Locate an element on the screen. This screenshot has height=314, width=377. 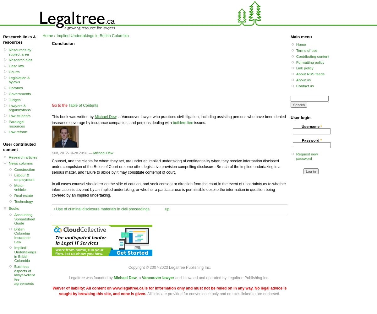
'Research aids' is located at coordinates (20, 59).